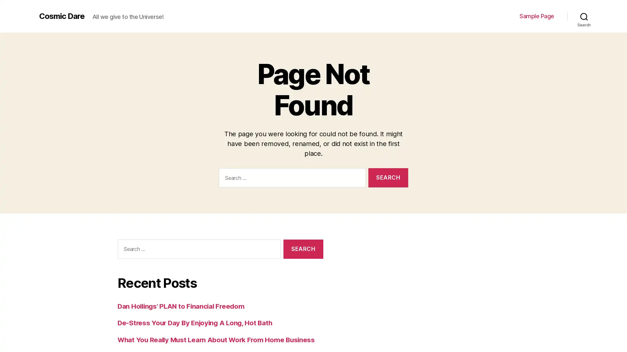 The height and width of the screenshot is (352, 627). Describe the element at coordinates (303, 249) in the screenshot. I see `Search` at that location.